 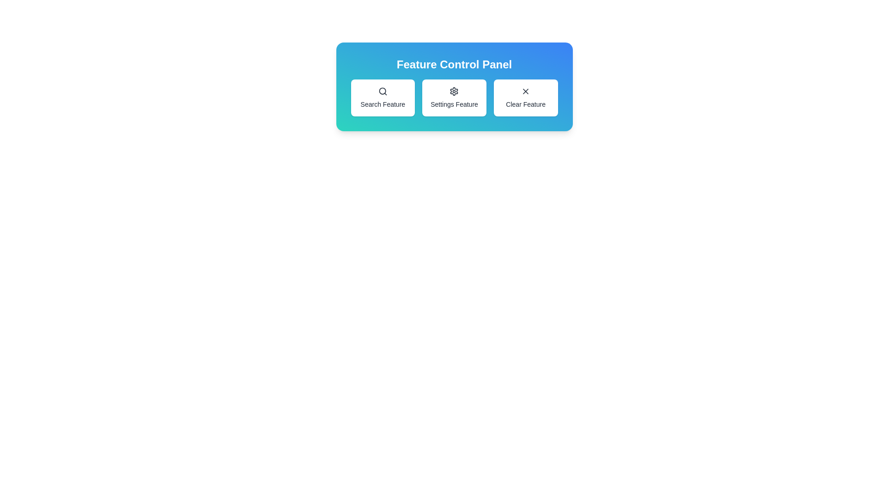 I want to click on the settings icon located in the central column of the 'Feature Control Panel' within the 'Settings Feature' panel, so click(x=454, y=91).